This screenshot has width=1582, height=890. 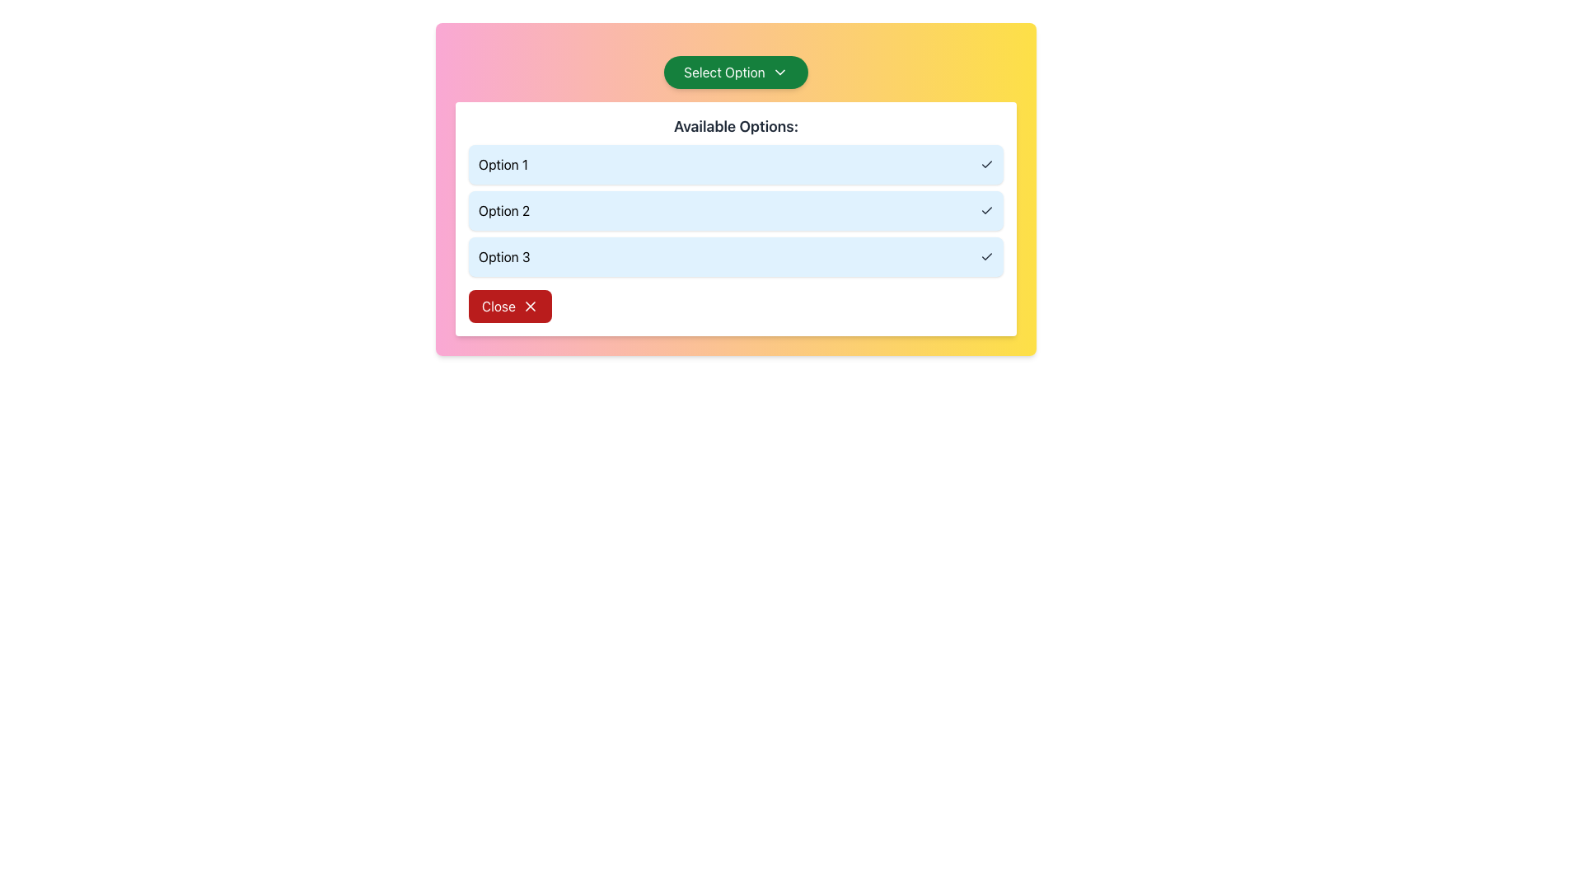 I want to click on the close icon within the 'Close' button located at the bottom left of the modal dialog box, so click(x=530, y=306).